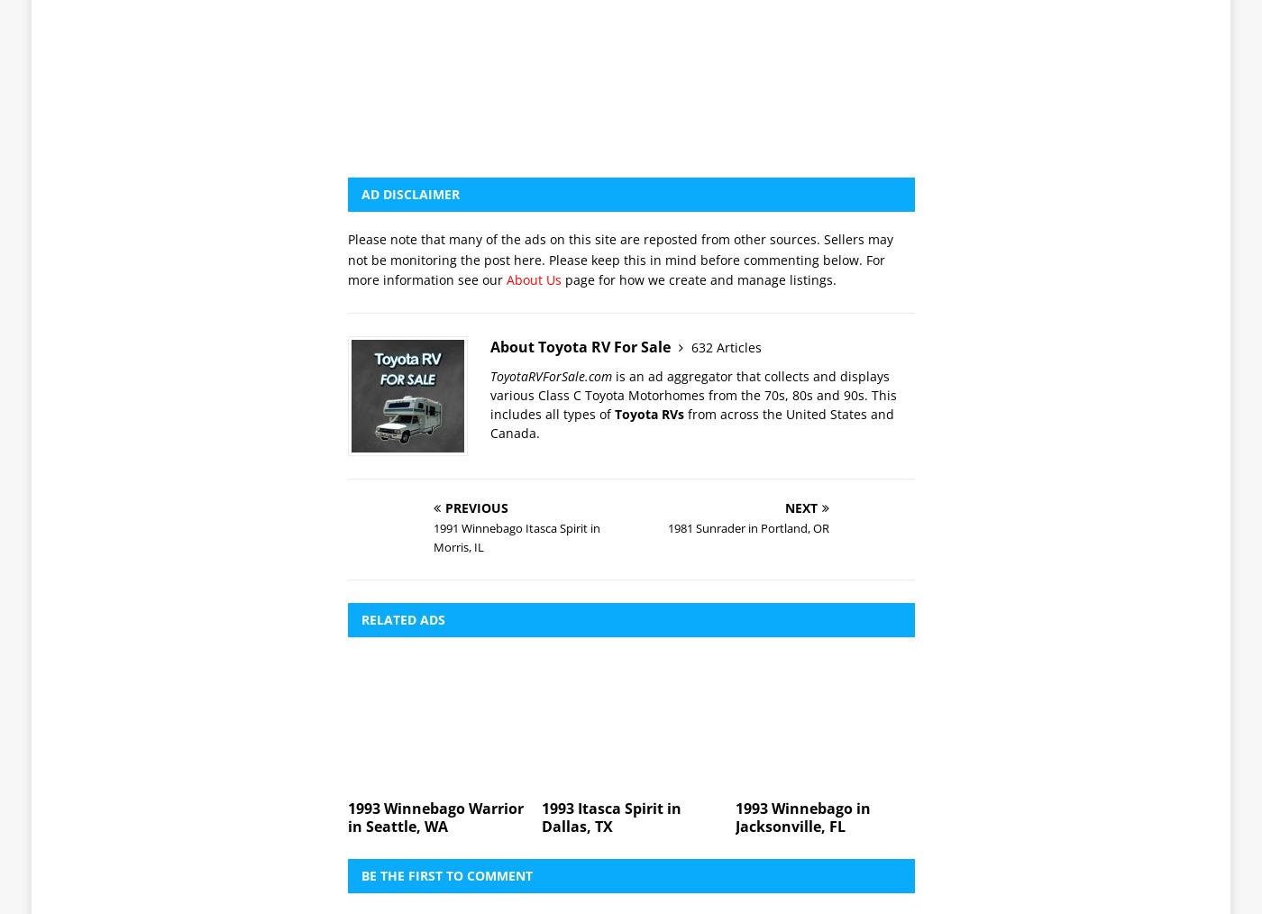  I want to click on 'About Toyota RV For Sale', so click(581, 95).